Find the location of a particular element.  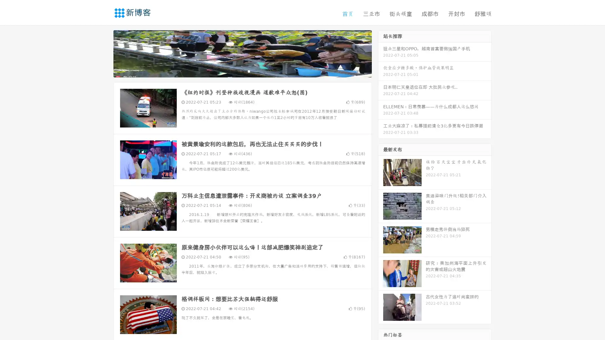

Next slide is located at coordinates (381, 53).